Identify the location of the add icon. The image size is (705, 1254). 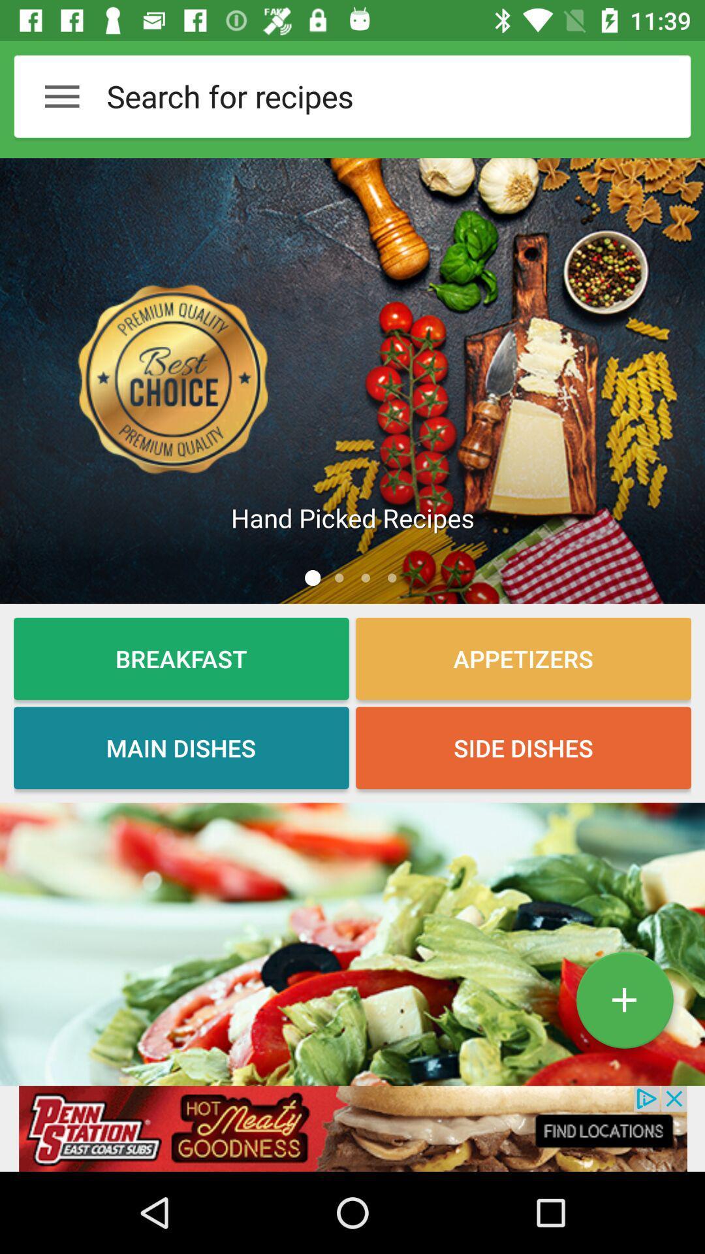
(623, 1005).